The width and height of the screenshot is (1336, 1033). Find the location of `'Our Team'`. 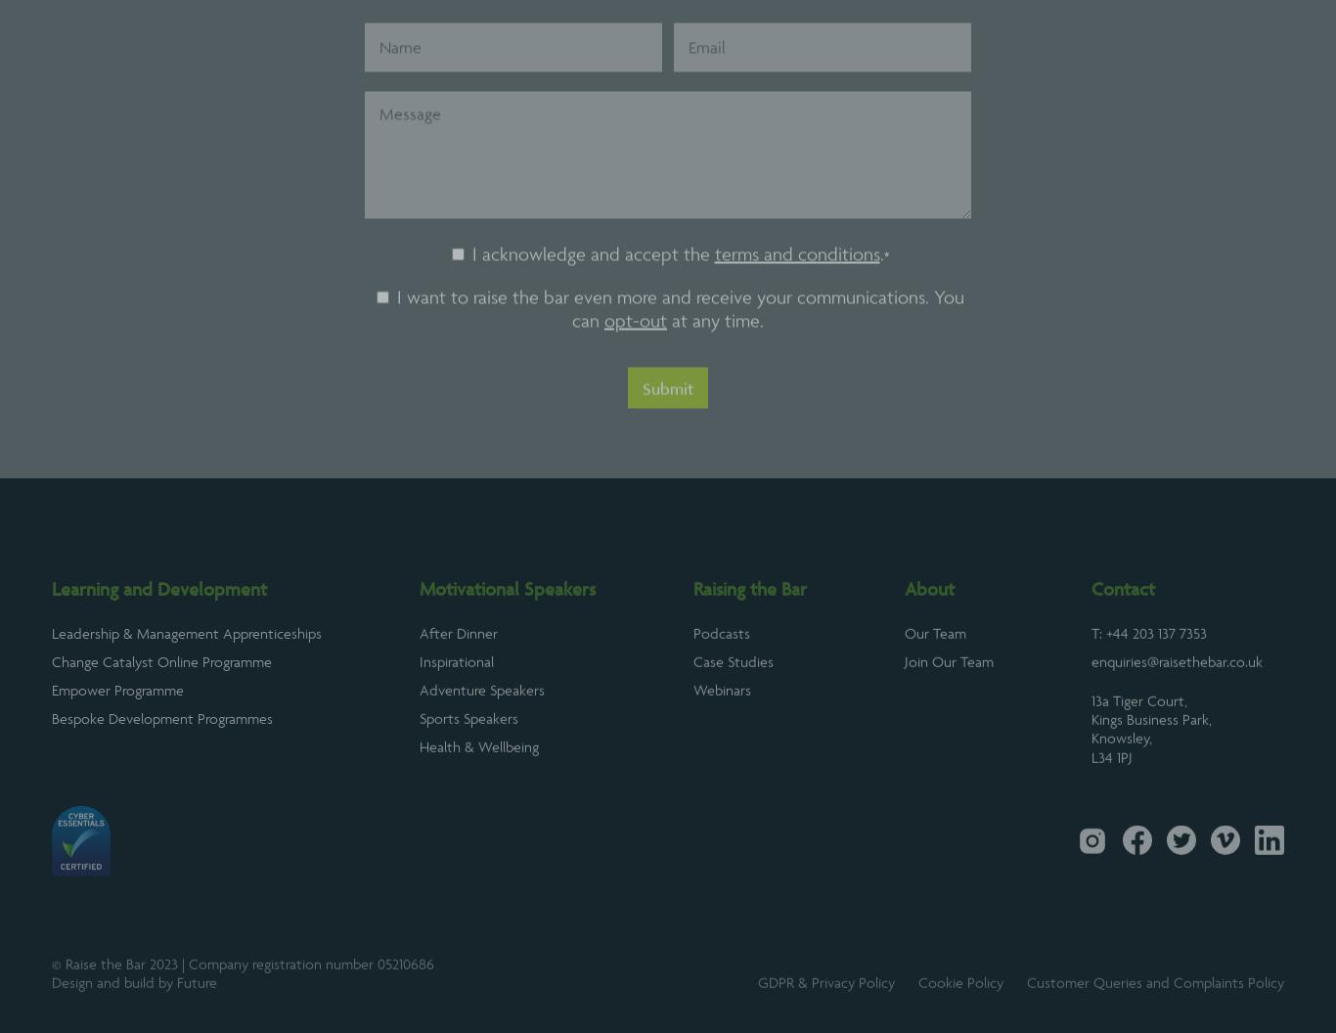

'Our Team' is located at coordinates (935, 681).